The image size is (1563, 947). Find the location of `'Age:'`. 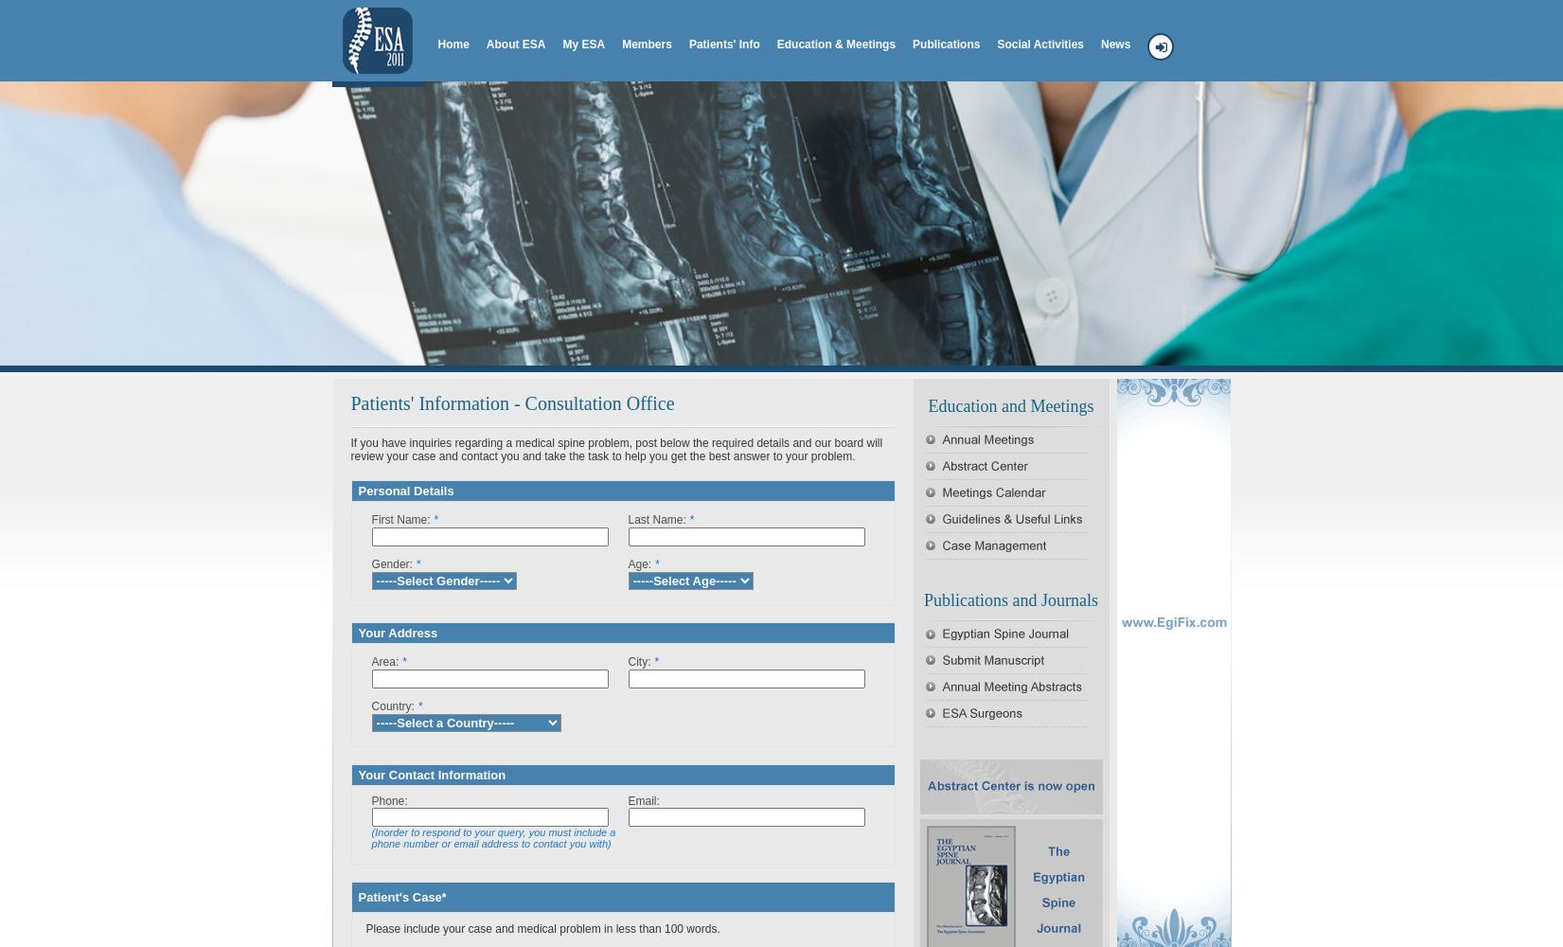

'Age:' is located at coordinates (639, 563).